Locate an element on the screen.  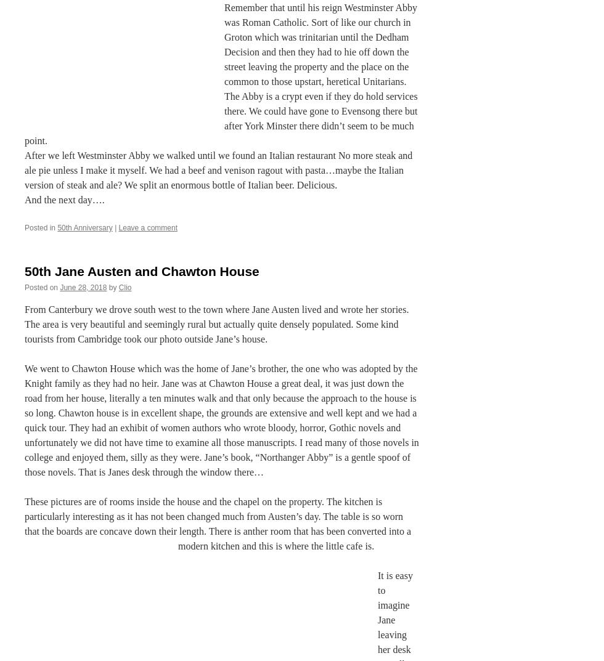
'Clio' is located at coordinates (124, 287).